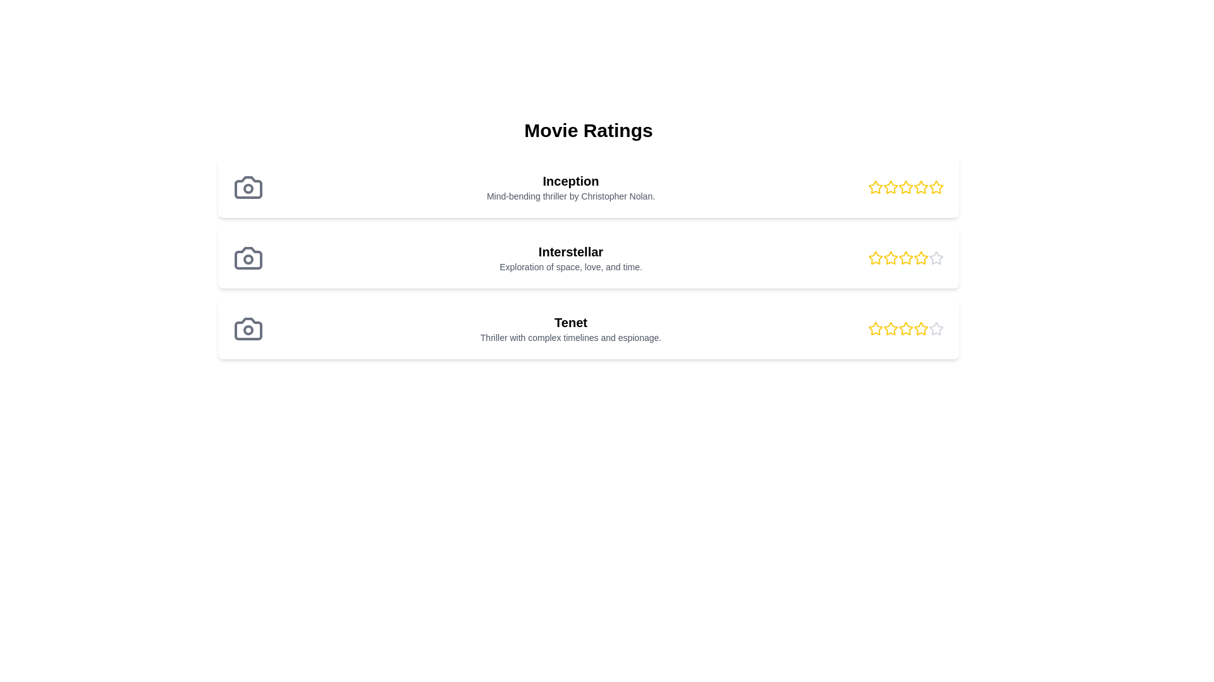  What do you see at coordinates (248, 330) in the screenshot?
I see `the circular shape located at the center of the lens of the third camera icon from the top, which is positioned to the left of the 'Tenet' movie entry` at bounding box center [248, 330].